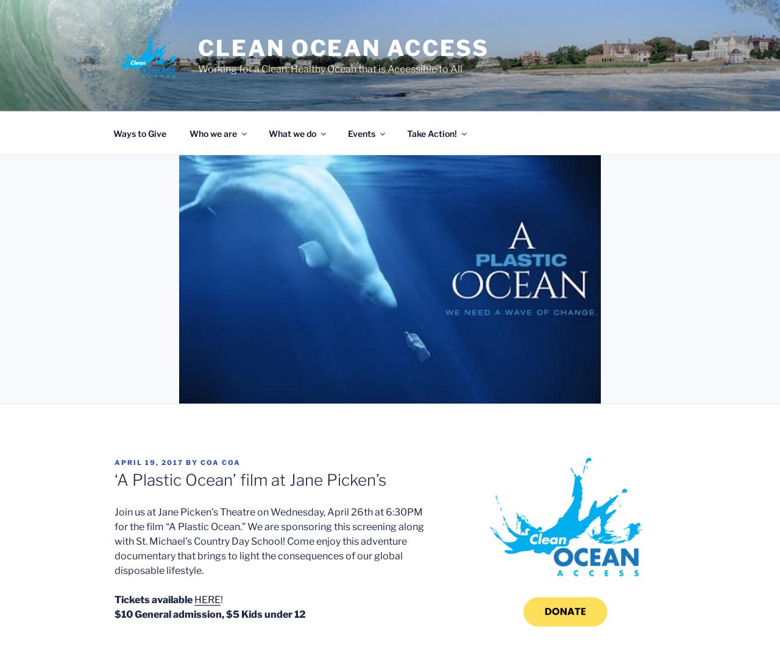 This screenshot has height=647, width=780. I want to click on 'Ways to Give', so click(139, 133).